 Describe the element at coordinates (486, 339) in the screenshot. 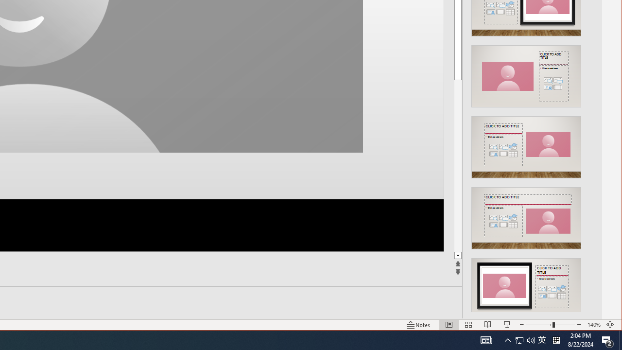

I see `'AutomationID: 4105'` at that location.